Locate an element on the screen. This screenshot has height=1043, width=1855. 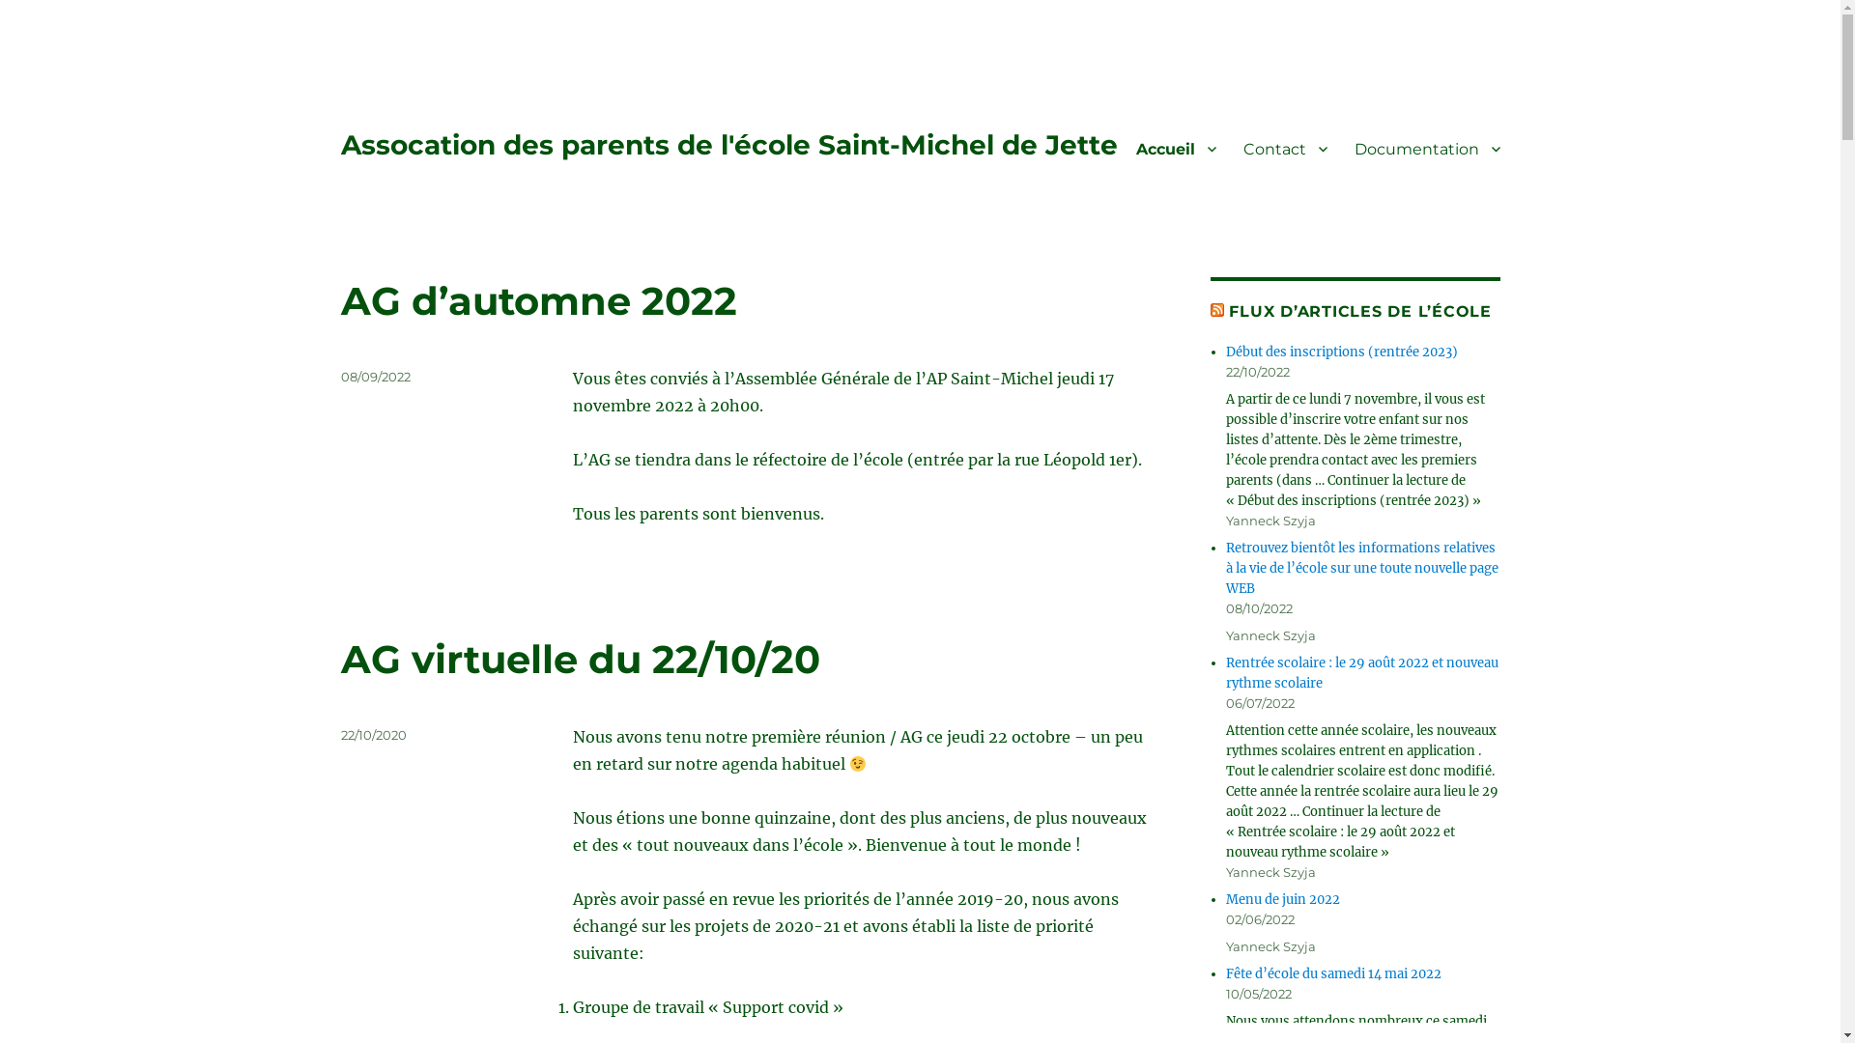
'Documentation' is located at coordinates (1427, 148).